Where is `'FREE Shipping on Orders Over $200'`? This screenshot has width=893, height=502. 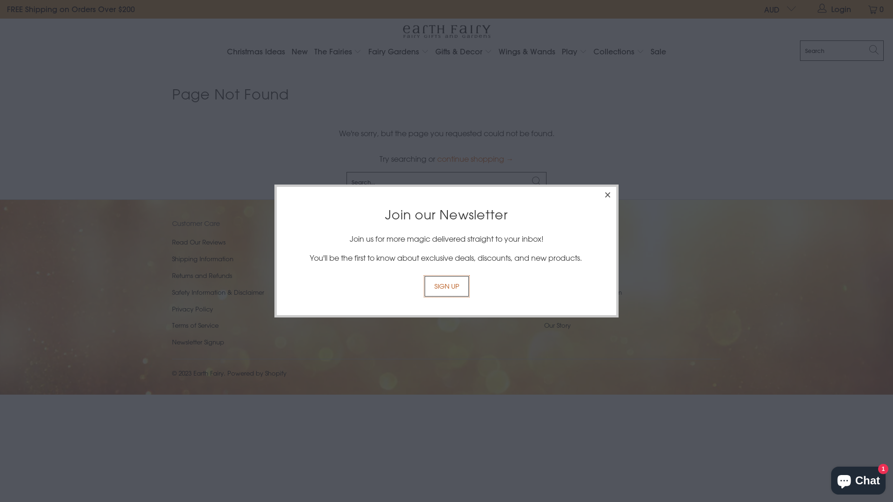
'FREE Shipping on Orders Over $200' is located at coordinates (70, 9).